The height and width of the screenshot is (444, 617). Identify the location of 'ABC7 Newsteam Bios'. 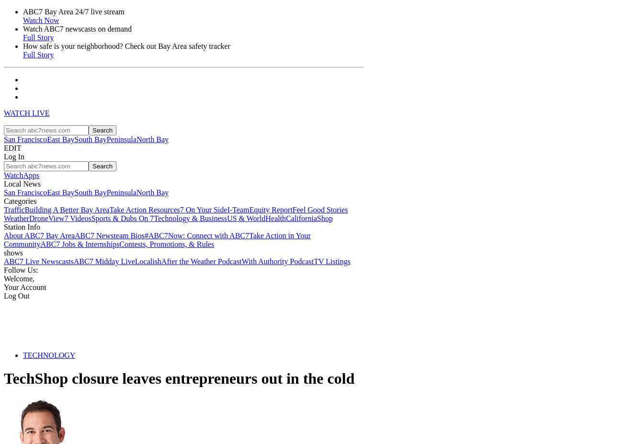
(109, 235).